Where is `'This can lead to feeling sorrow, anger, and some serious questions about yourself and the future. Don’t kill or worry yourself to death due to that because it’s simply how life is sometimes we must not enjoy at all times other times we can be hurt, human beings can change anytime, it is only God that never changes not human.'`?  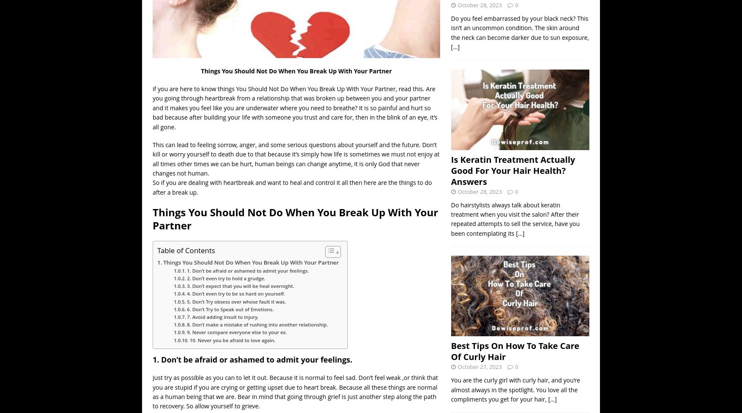 'This can lead to feeling sorrow, anger, and some serious questions about yourself and the future. Don’t kill or worry yourself to death due to that because it’s simply how life is sometimes we must not enjoy at all times other times we can be hurt, human beings can change anytime, it is only God that never changes not human.' is located at coordinates (296, 159).